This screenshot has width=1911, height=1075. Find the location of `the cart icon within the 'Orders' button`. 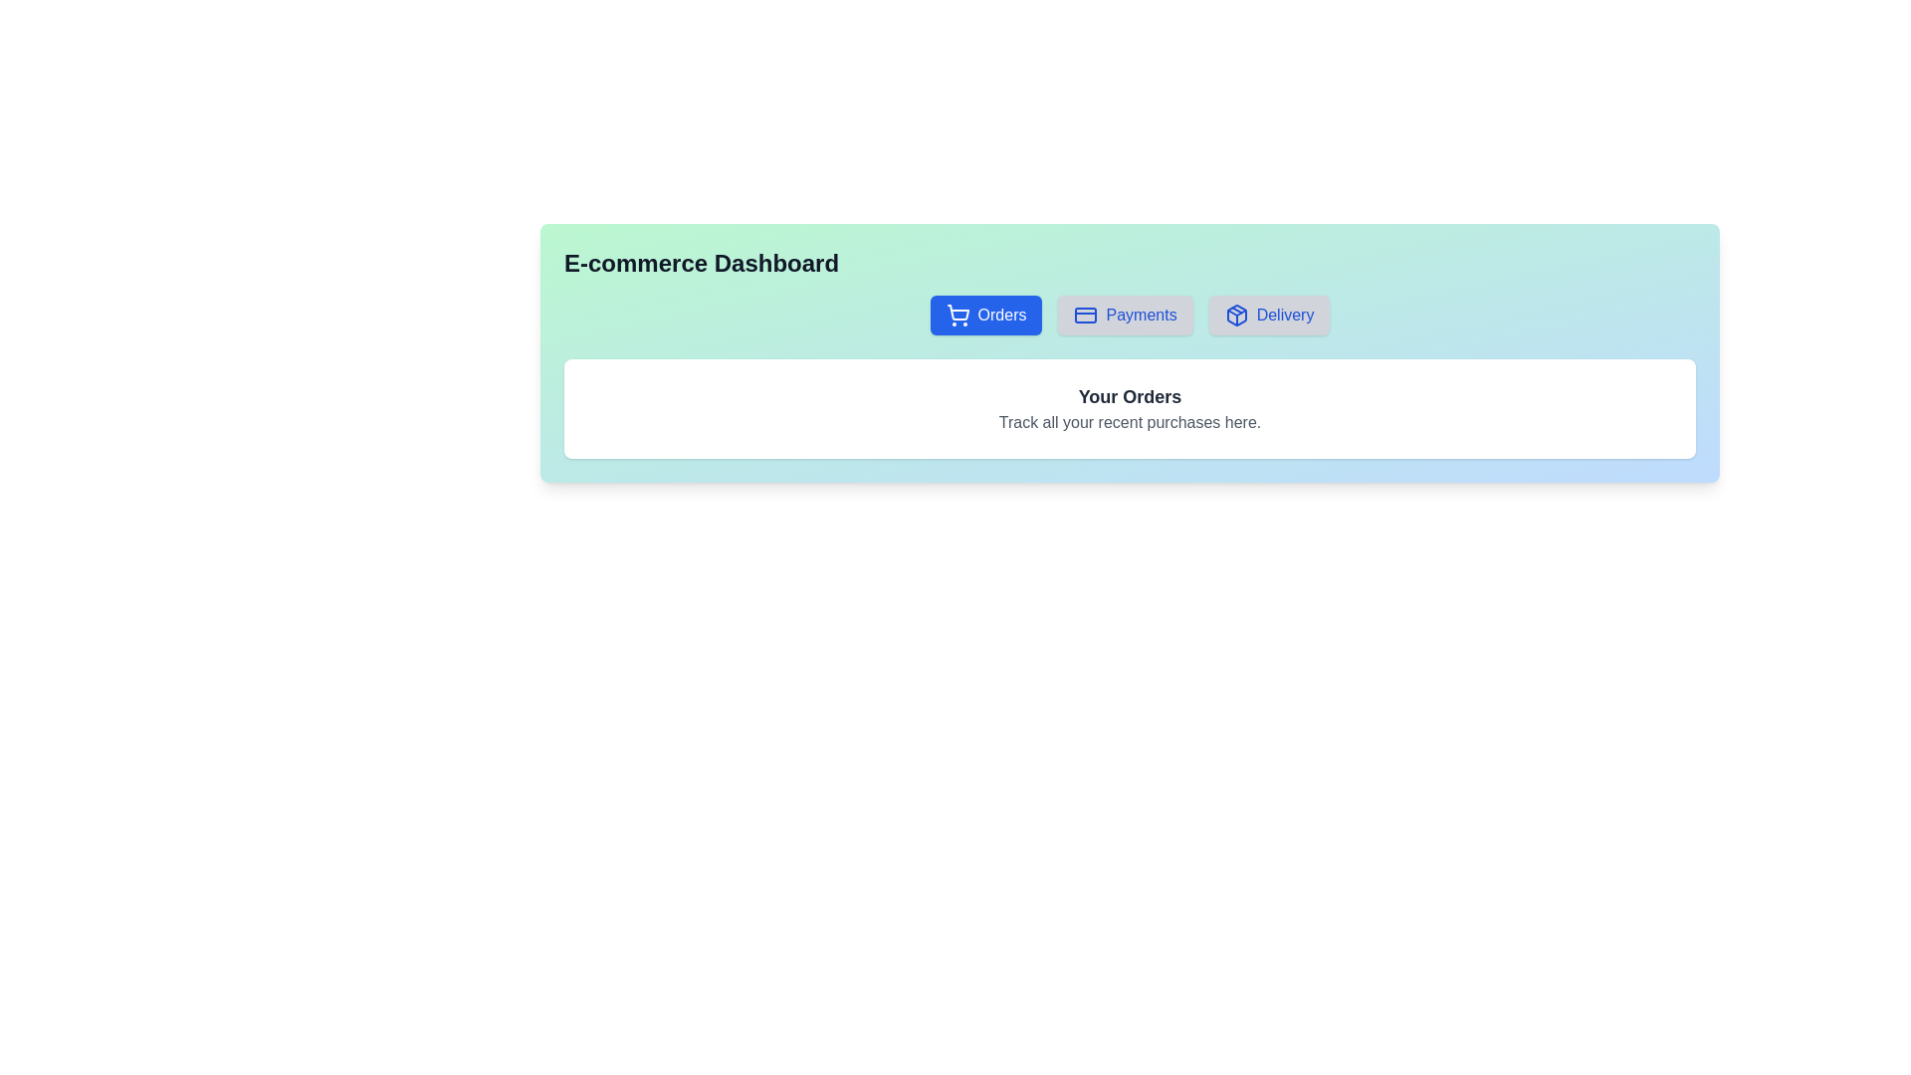

the cart icon within the 'Orders' button is located at coordinates (957, 314).